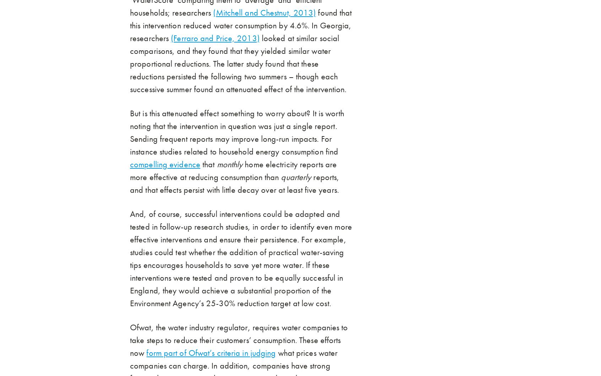  Describe the element at coordinates (216, 164) in the screenshot. I see `'monthly'` at that location.